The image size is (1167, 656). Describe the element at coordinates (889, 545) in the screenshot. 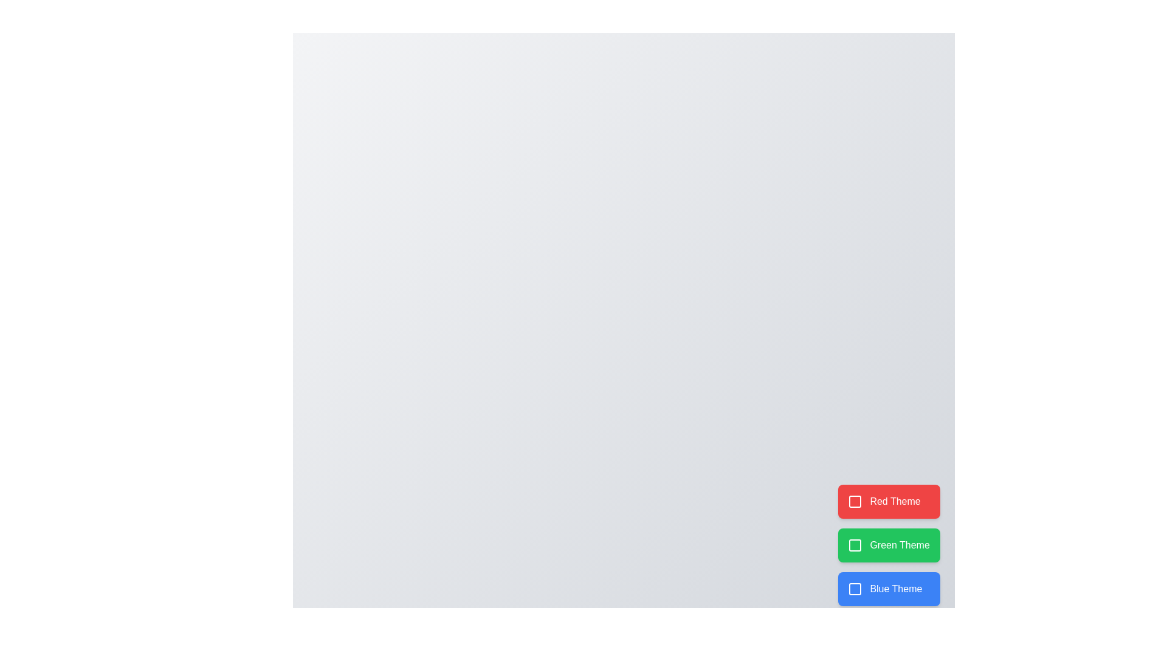

I see `the button corresponding to Green theme to observe its visual feedback` at that location.